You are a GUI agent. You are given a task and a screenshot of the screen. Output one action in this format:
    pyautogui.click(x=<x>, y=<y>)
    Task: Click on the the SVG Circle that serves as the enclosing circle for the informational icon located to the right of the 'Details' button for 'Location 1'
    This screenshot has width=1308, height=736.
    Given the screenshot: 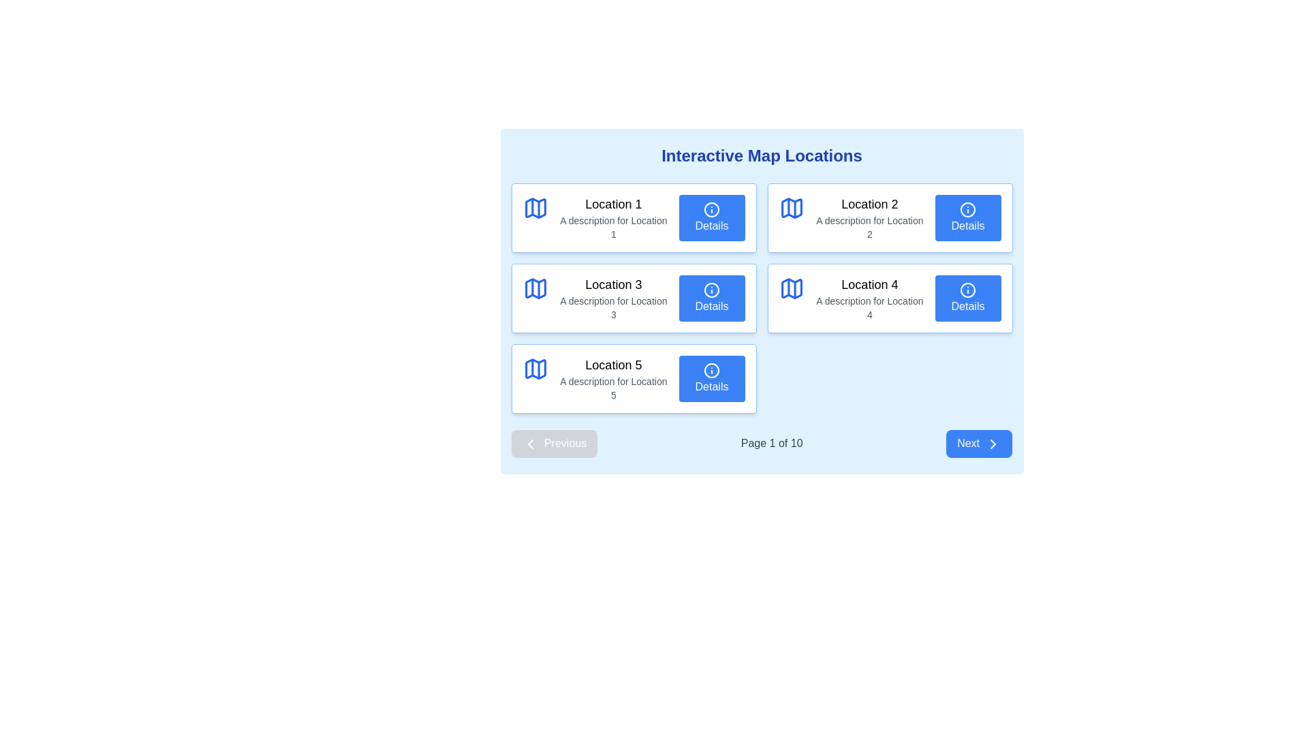 What is the action you would take?
    pyautogui.click(x=711, y=210)
    